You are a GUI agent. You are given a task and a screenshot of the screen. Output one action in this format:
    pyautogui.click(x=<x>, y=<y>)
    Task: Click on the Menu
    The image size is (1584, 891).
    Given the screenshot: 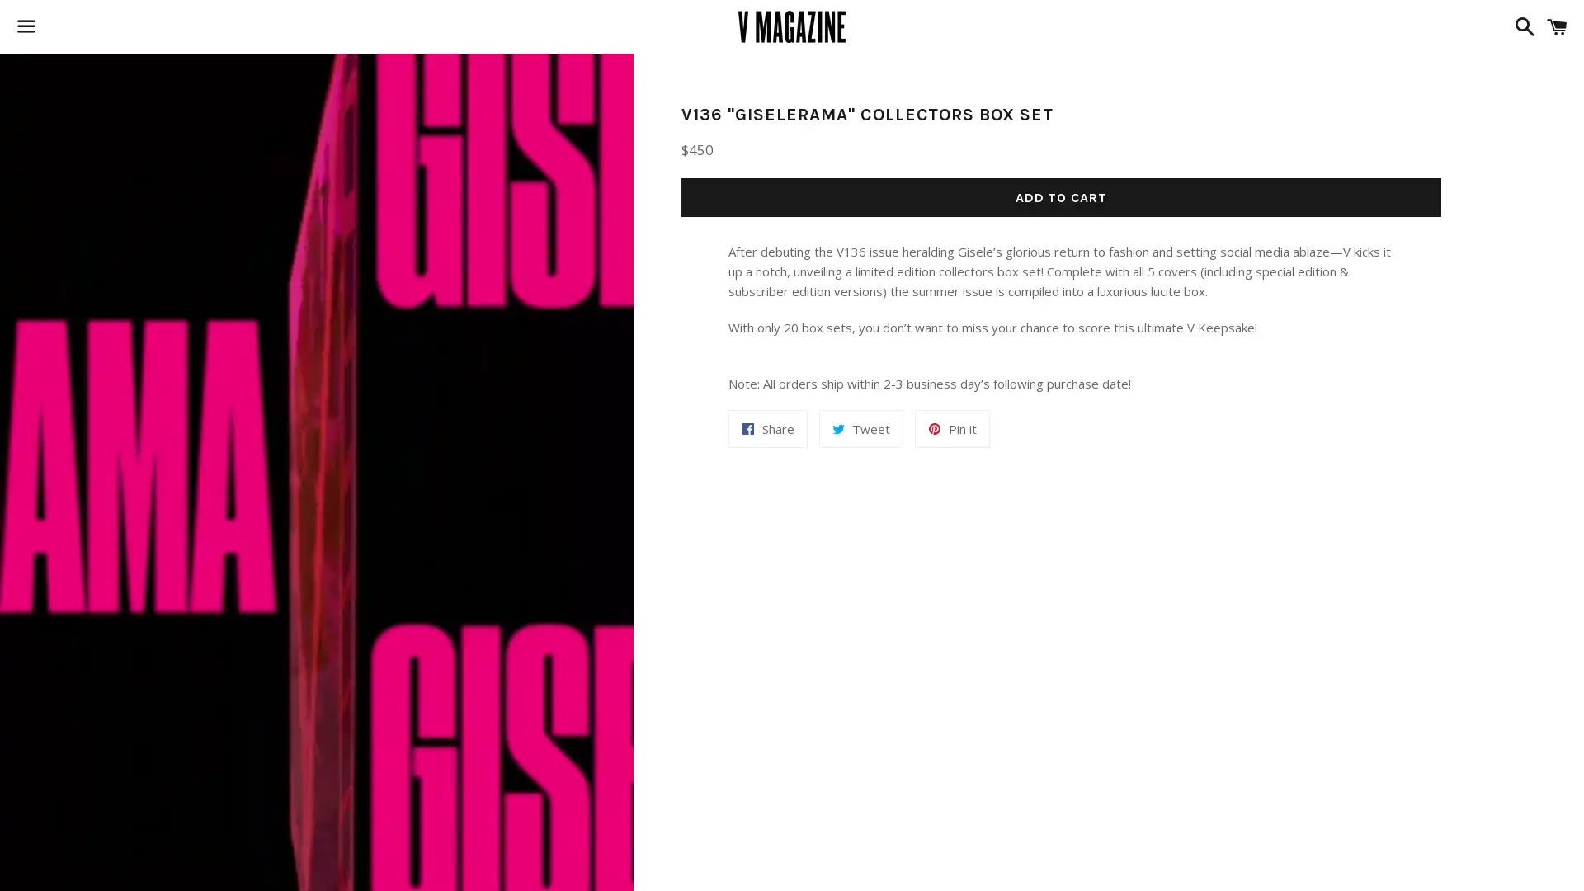 What is the action you would take?
    pyautogui.click(x=26, y=26)
    